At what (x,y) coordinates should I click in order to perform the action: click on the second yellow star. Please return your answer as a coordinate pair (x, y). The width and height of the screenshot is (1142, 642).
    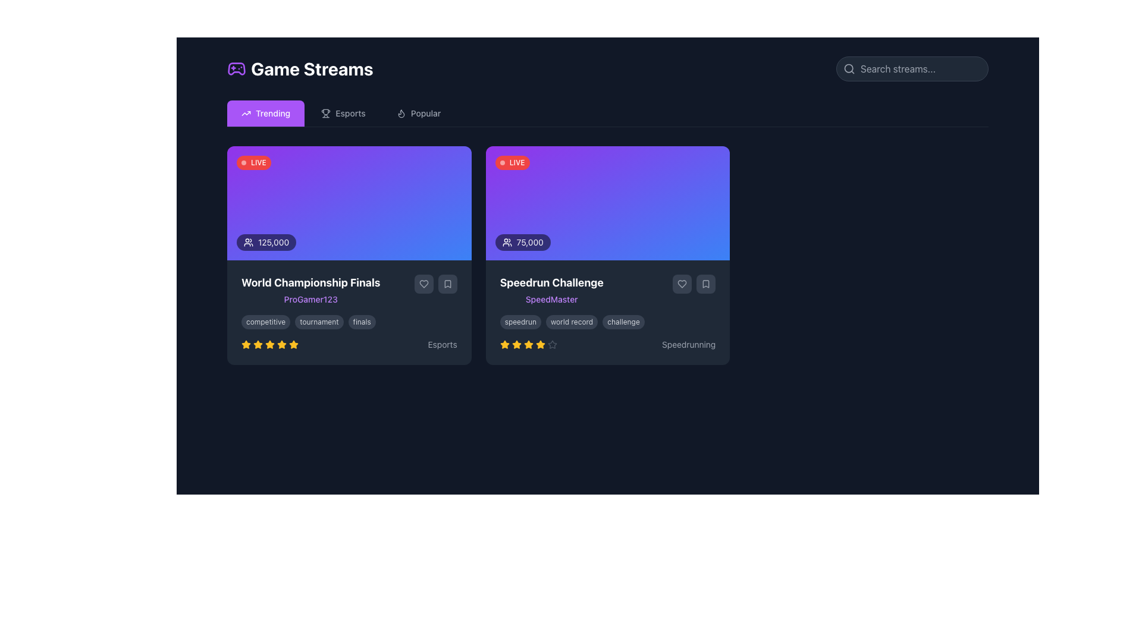
    Looking at the image, I should click on (528, 344).